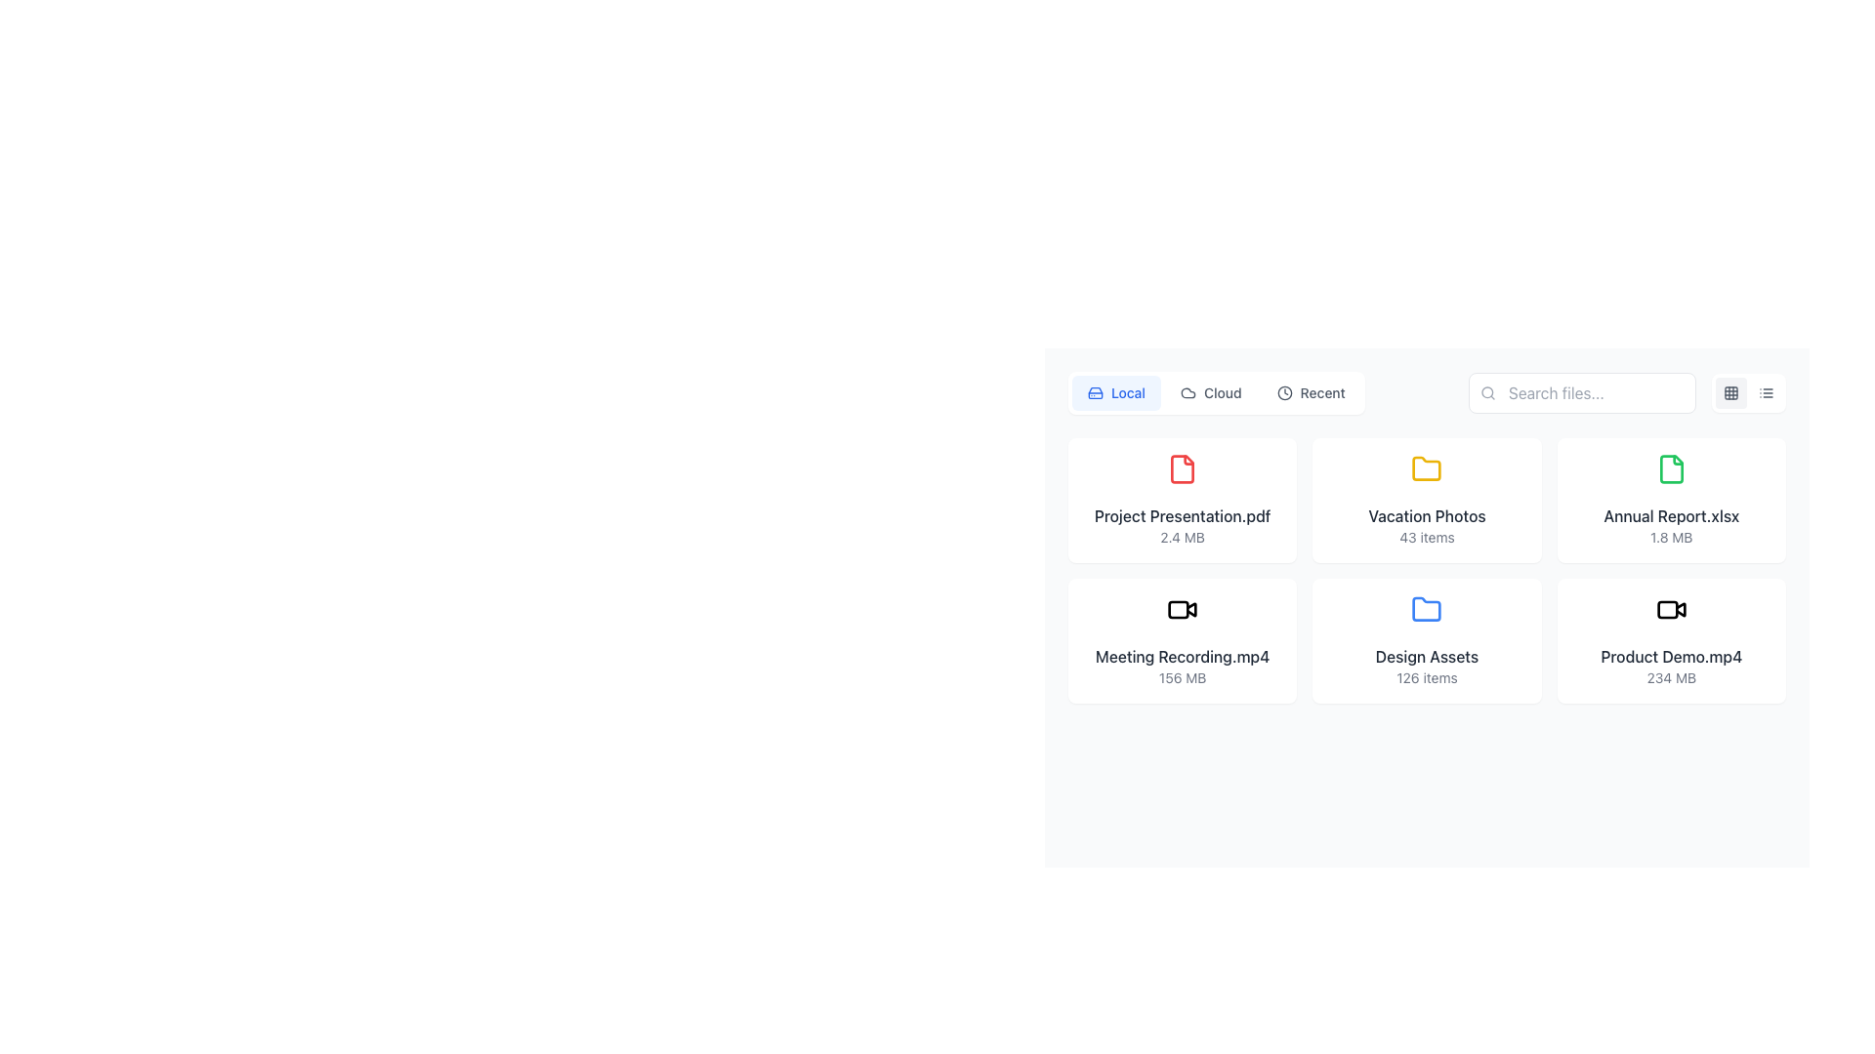 Image resolution: width=1875 pixels, height=1054 pixels. I want to click on the downloadable file component titled 'Annual Report.xlsx', so click(1670, 500).